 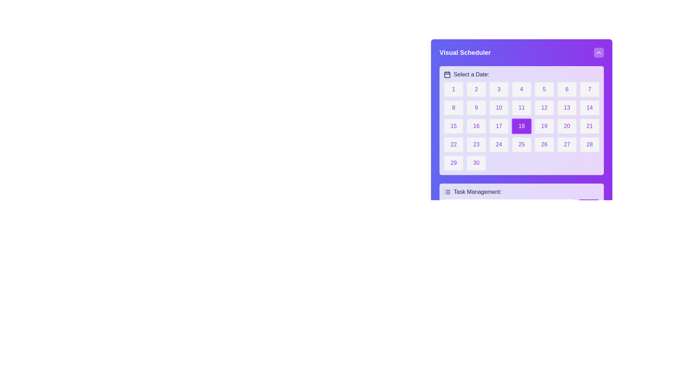 What do you see at coordinates (454, 126) in the screenshot?
I see `the rounded square button with a light gray background and purple text displaying '15'` at bounding box center [454, 126].